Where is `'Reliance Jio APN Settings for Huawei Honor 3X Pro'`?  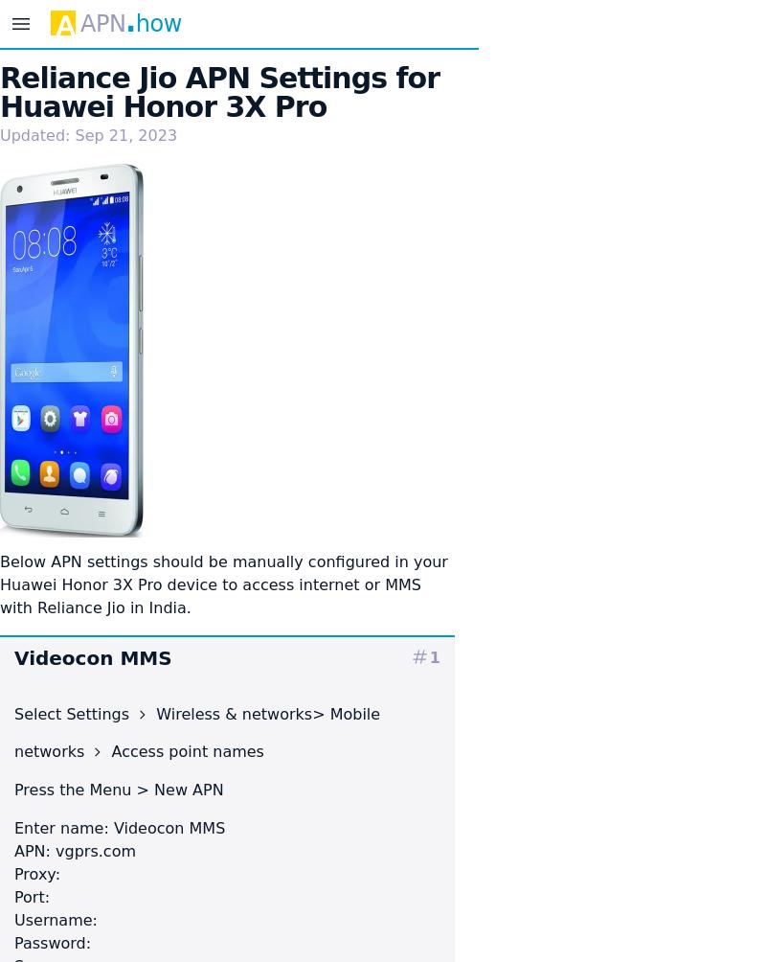 'Reliance Jio APN Settings for Huawei Honor 3X Pro' is located at coordinates (219, 92).